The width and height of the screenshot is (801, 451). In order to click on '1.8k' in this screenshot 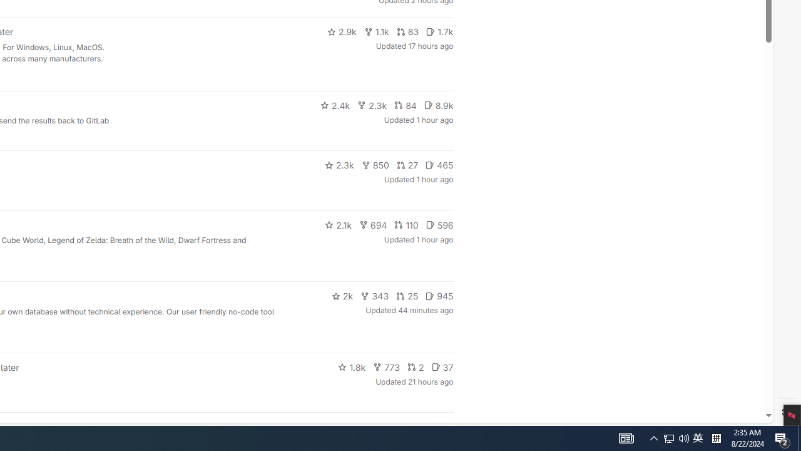, I will do `click(351, 366)`.